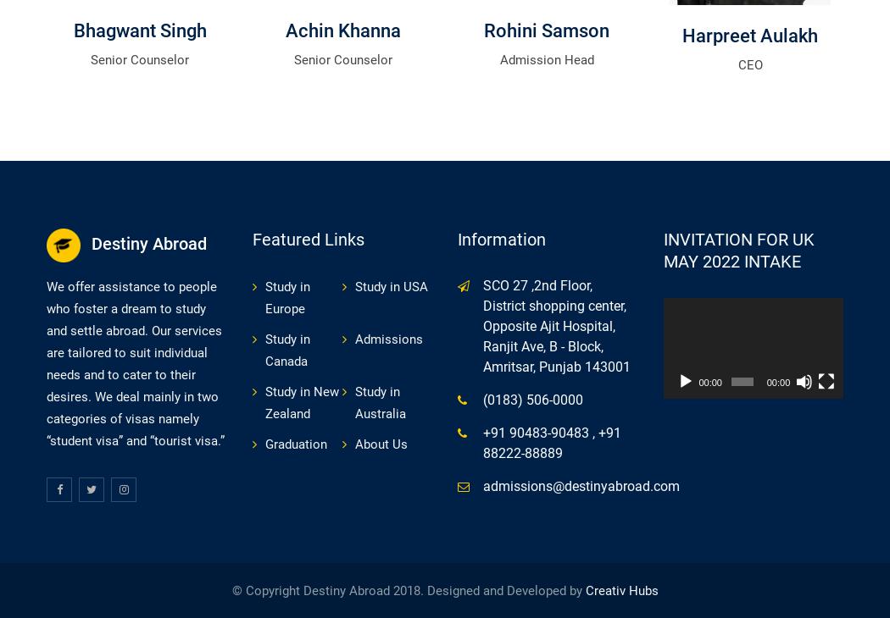  I want to click on 'Study in USA', so click(353, 285).